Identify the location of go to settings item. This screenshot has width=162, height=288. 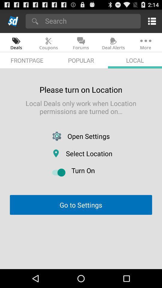
(81, 205).